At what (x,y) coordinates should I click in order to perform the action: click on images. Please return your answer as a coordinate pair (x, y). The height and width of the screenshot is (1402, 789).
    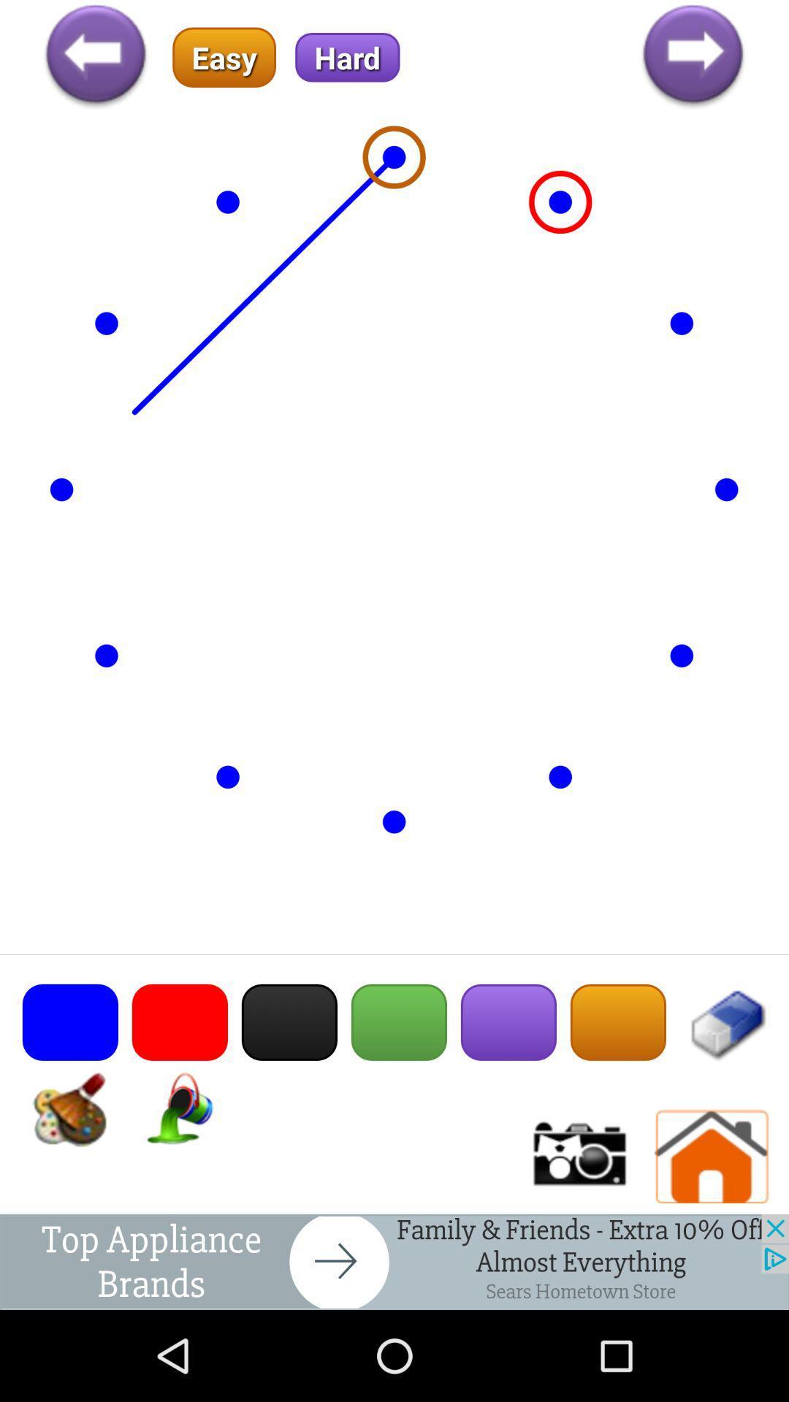
    Looking at the image, I should click on (577, 1156).